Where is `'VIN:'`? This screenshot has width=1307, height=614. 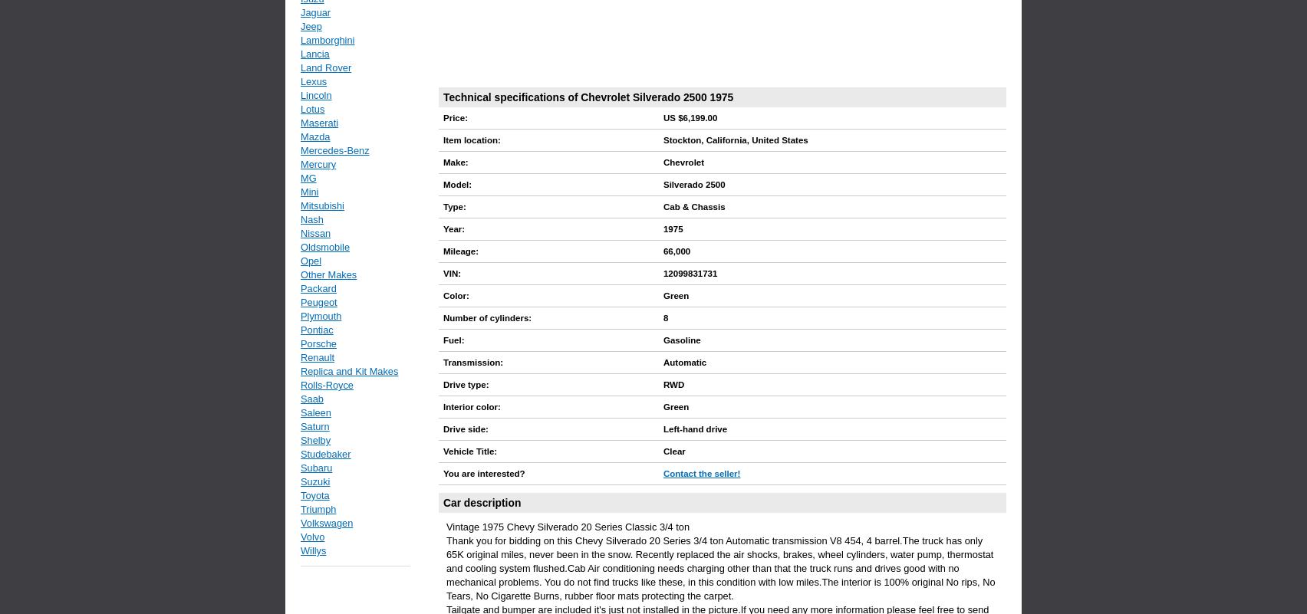 'VIN:' is located at coordinates (452, 273).